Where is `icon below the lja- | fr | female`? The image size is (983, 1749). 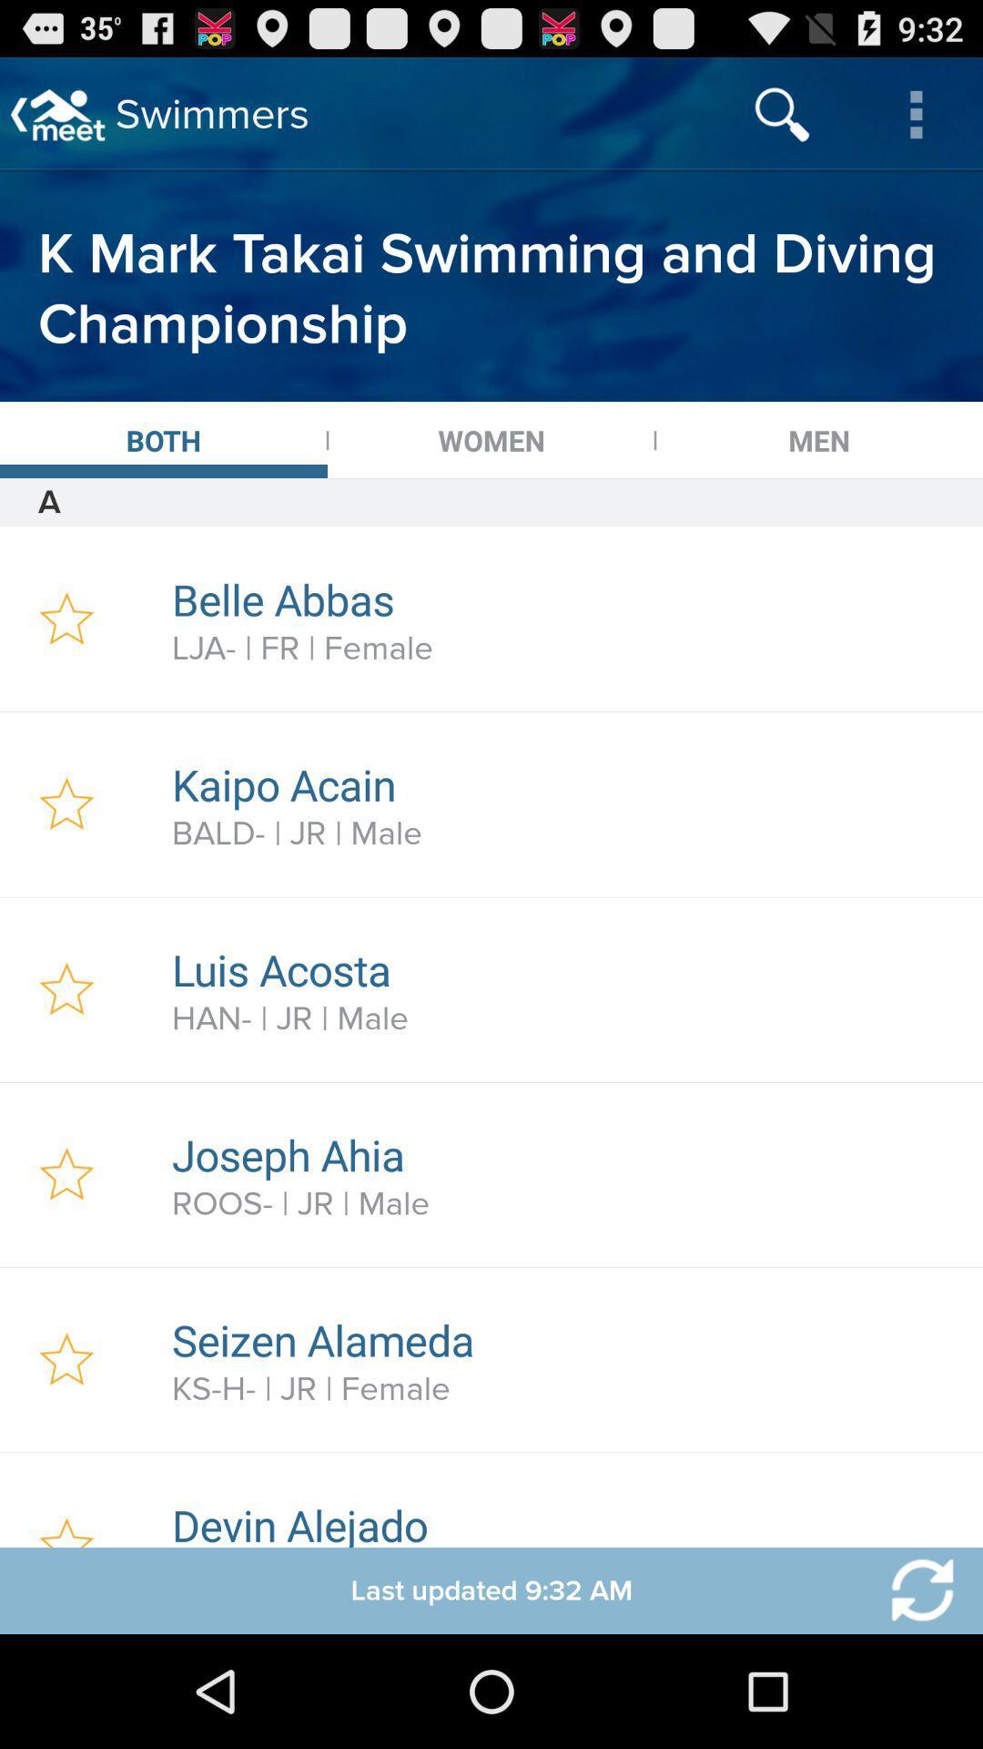
icon below the lja- | fr | female is located at coordinates (567, 784).